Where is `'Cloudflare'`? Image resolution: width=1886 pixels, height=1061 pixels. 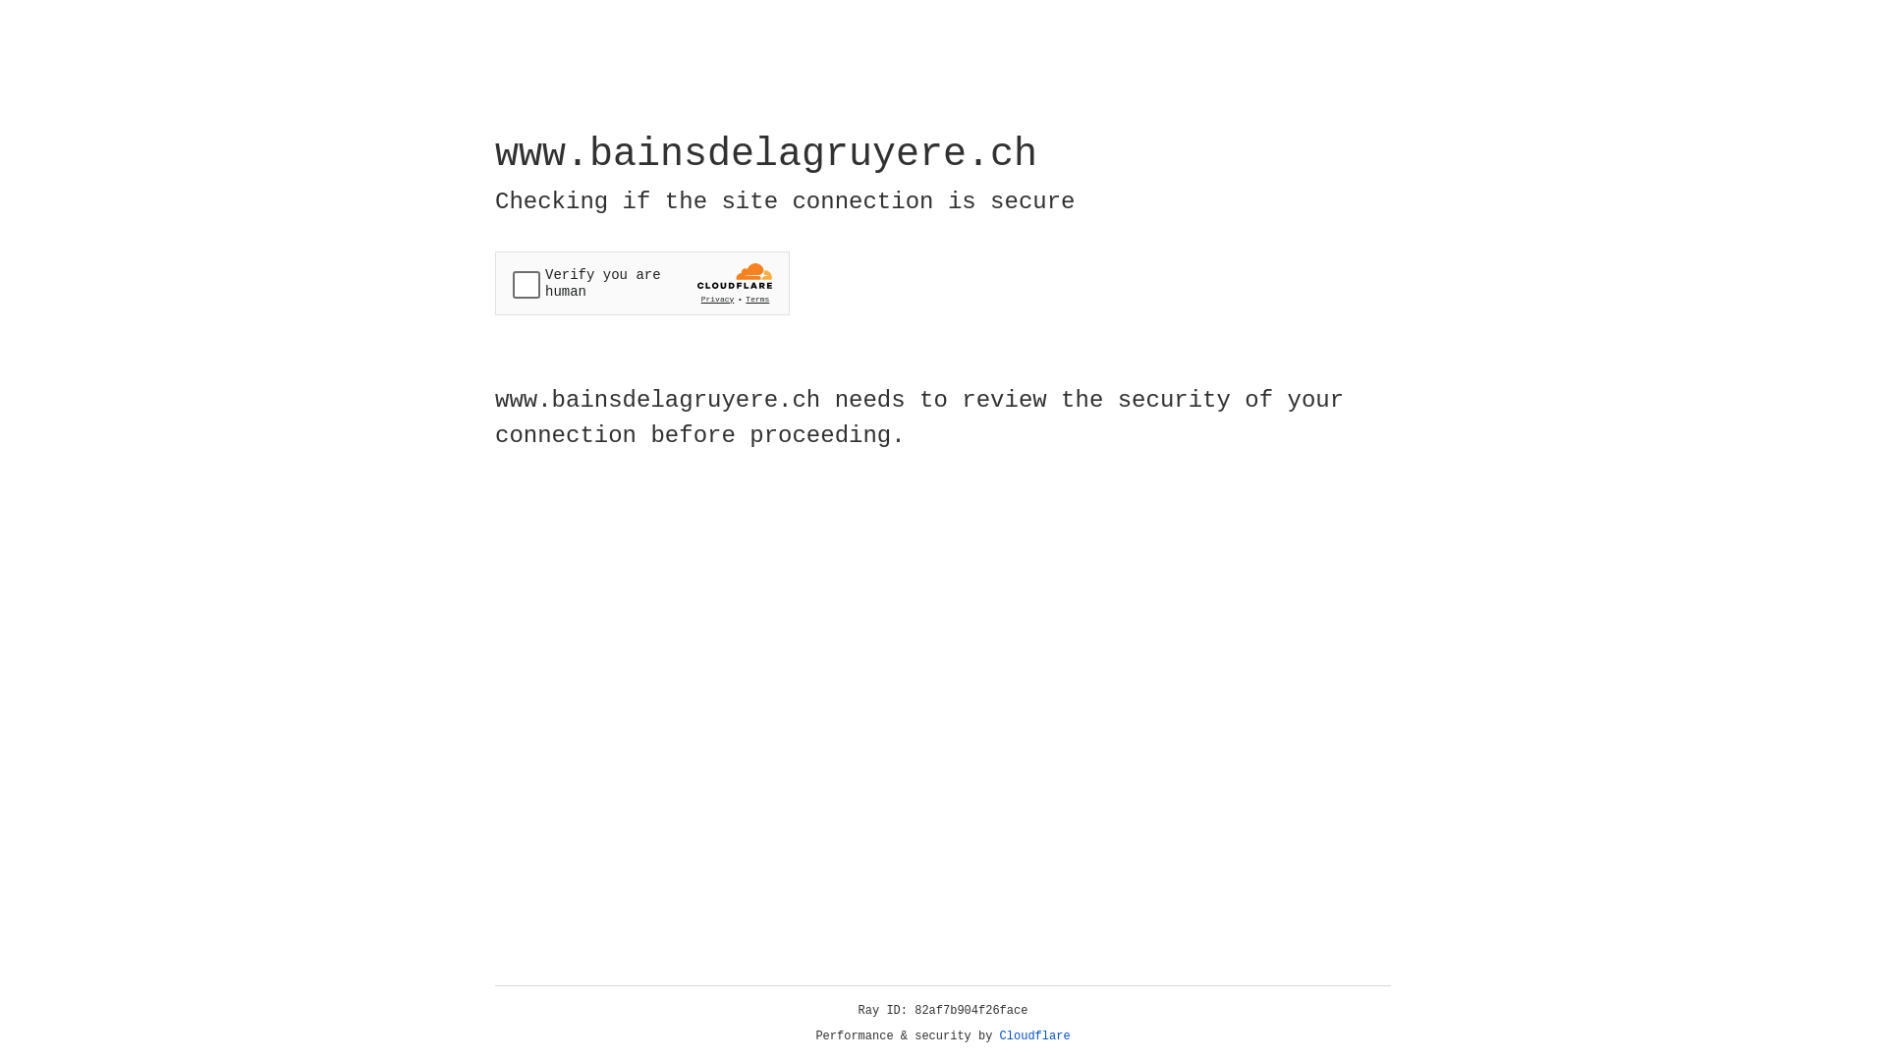
'Cloudflare' is located at coordinates (999, 1035).